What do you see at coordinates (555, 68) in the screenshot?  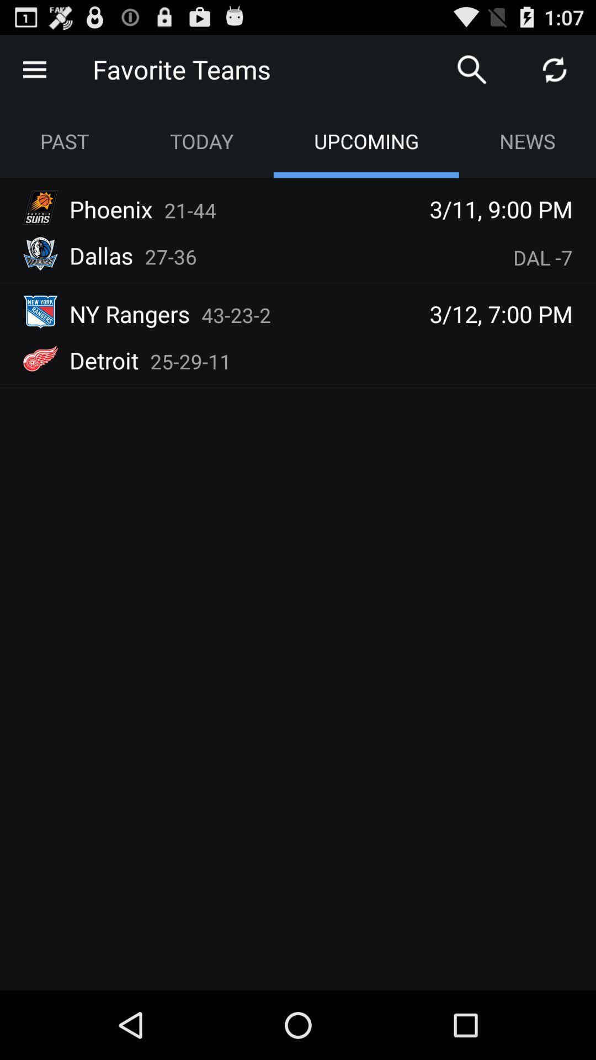 I see `reload page` at bounding box center [555, 68].